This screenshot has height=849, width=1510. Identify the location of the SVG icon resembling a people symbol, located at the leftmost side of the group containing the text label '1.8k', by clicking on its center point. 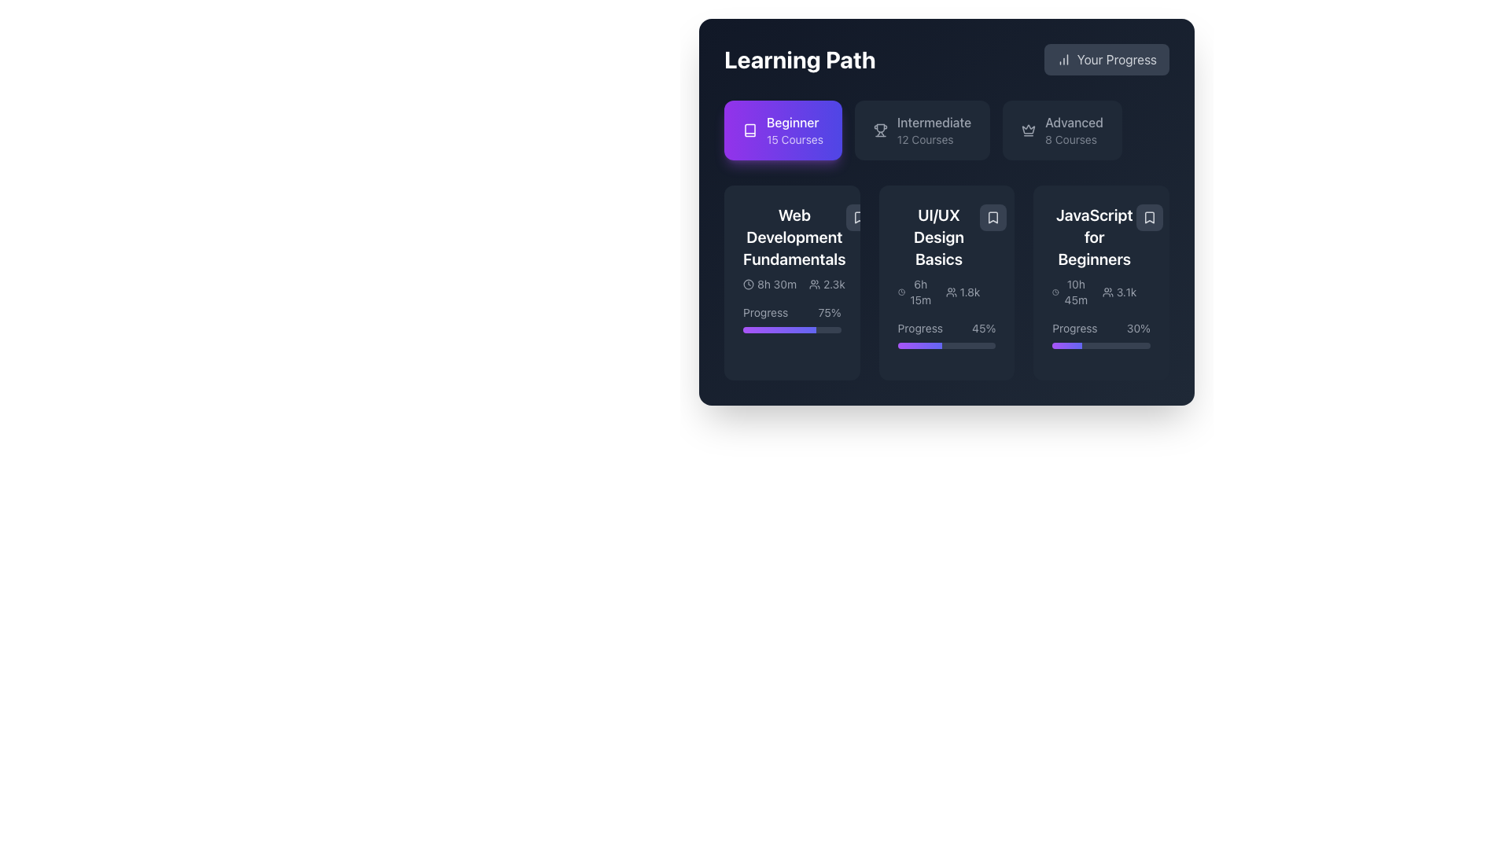
(950, 292).